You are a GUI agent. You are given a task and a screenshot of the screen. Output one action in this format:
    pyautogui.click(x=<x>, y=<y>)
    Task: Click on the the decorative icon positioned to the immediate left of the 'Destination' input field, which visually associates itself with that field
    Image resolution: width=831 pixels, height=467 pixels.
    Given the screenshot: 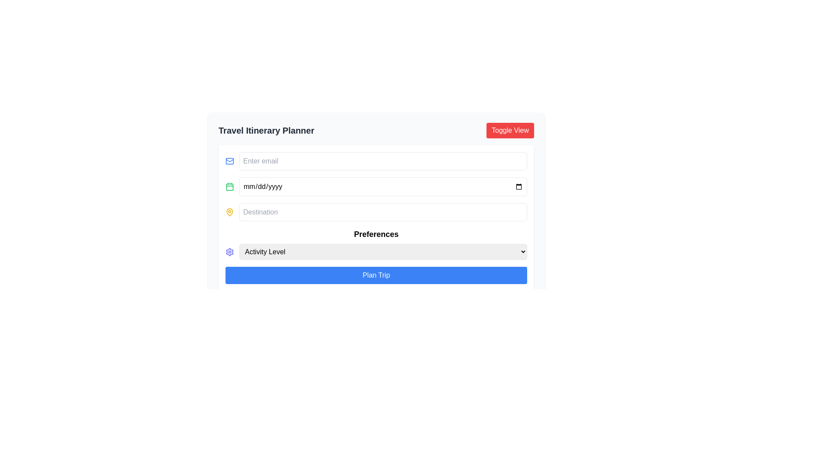 What is the action you would take?
    pyautogui.click(x=230, y=212)
    